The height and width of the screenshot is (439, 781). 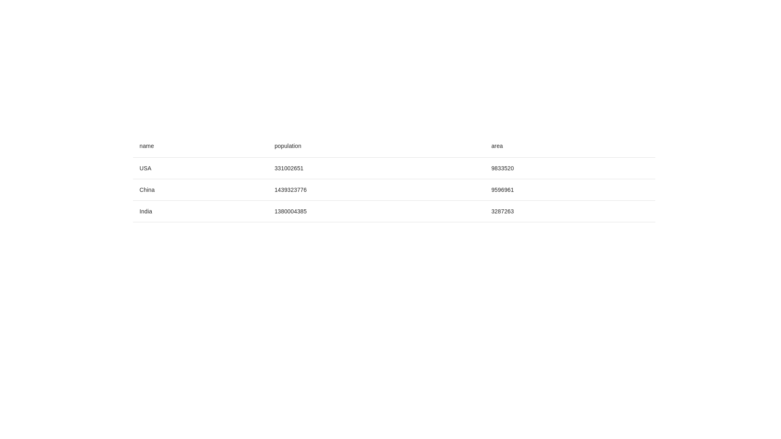 What do you see at coordinates (569, 211) in the screenshot?
I see `the table cell displaying the number '3287263' which is aligned to the right in the row corresponding to 'India'` at bounding box center [569, 211].